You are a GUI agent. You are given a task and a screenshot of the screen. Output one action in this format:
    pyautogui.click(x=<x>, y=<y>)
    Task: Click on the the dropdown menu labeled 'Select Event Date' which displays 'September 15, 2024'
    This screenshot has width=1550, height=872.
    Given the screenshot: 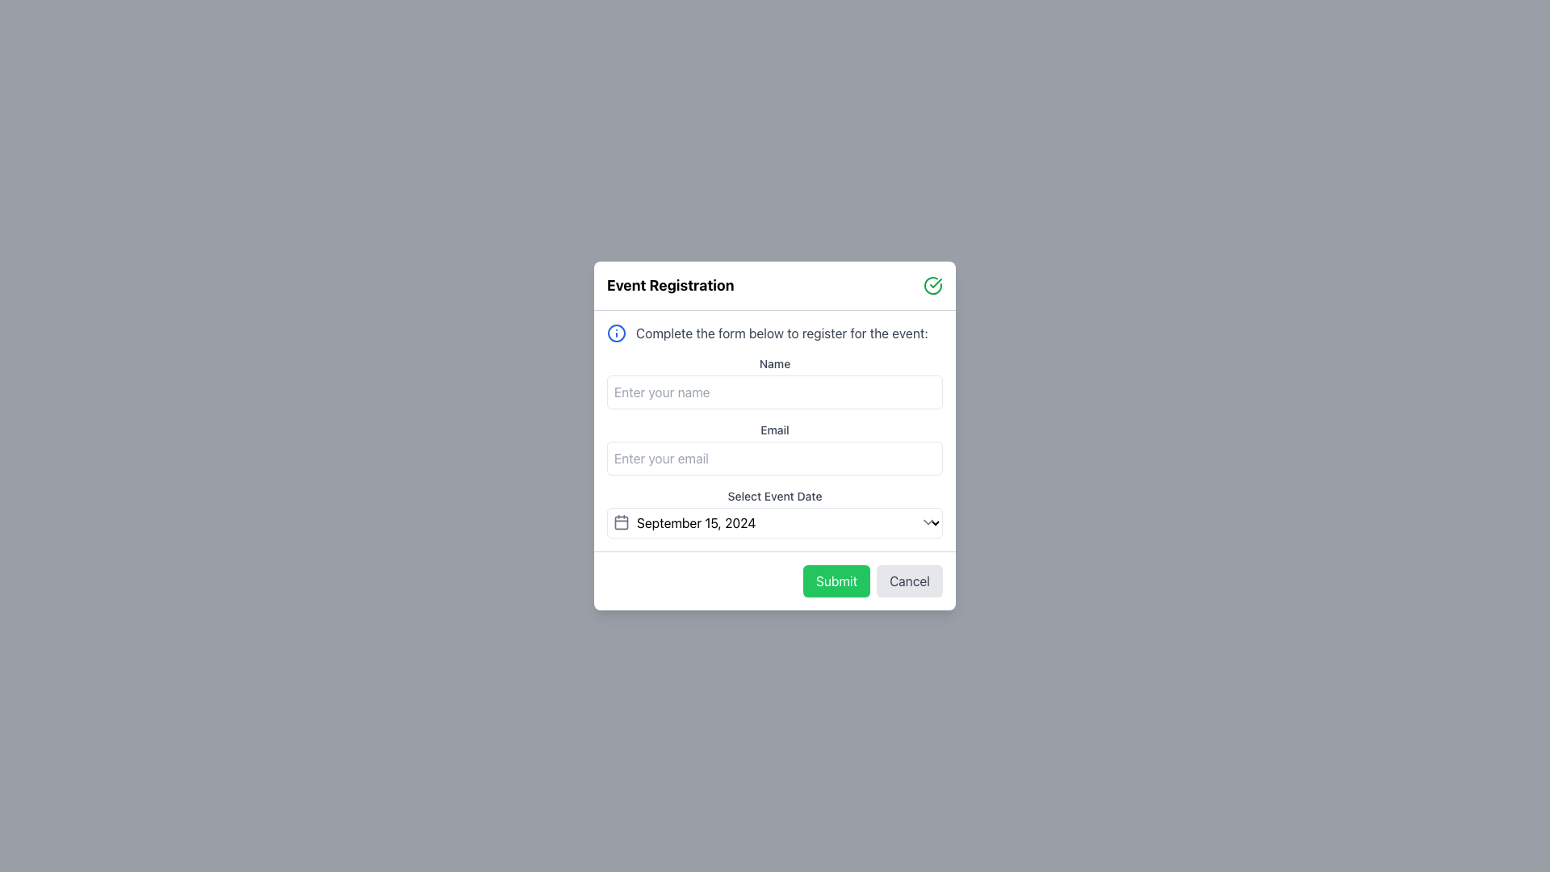 What is the action you would take?
    pyautogui.click(x=775, y=523)
    